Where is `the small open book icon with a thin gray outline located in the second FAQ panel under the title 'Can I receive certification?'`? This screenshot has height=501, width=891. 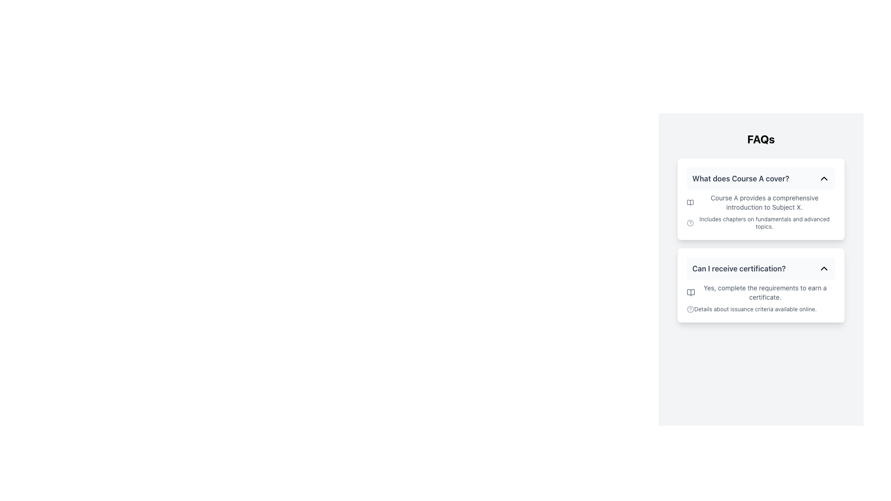
the small open book icon with a thin gray outline located in the second FAQ panel under the title 'Can I receive certification?' is located at coordinates (691, 293).